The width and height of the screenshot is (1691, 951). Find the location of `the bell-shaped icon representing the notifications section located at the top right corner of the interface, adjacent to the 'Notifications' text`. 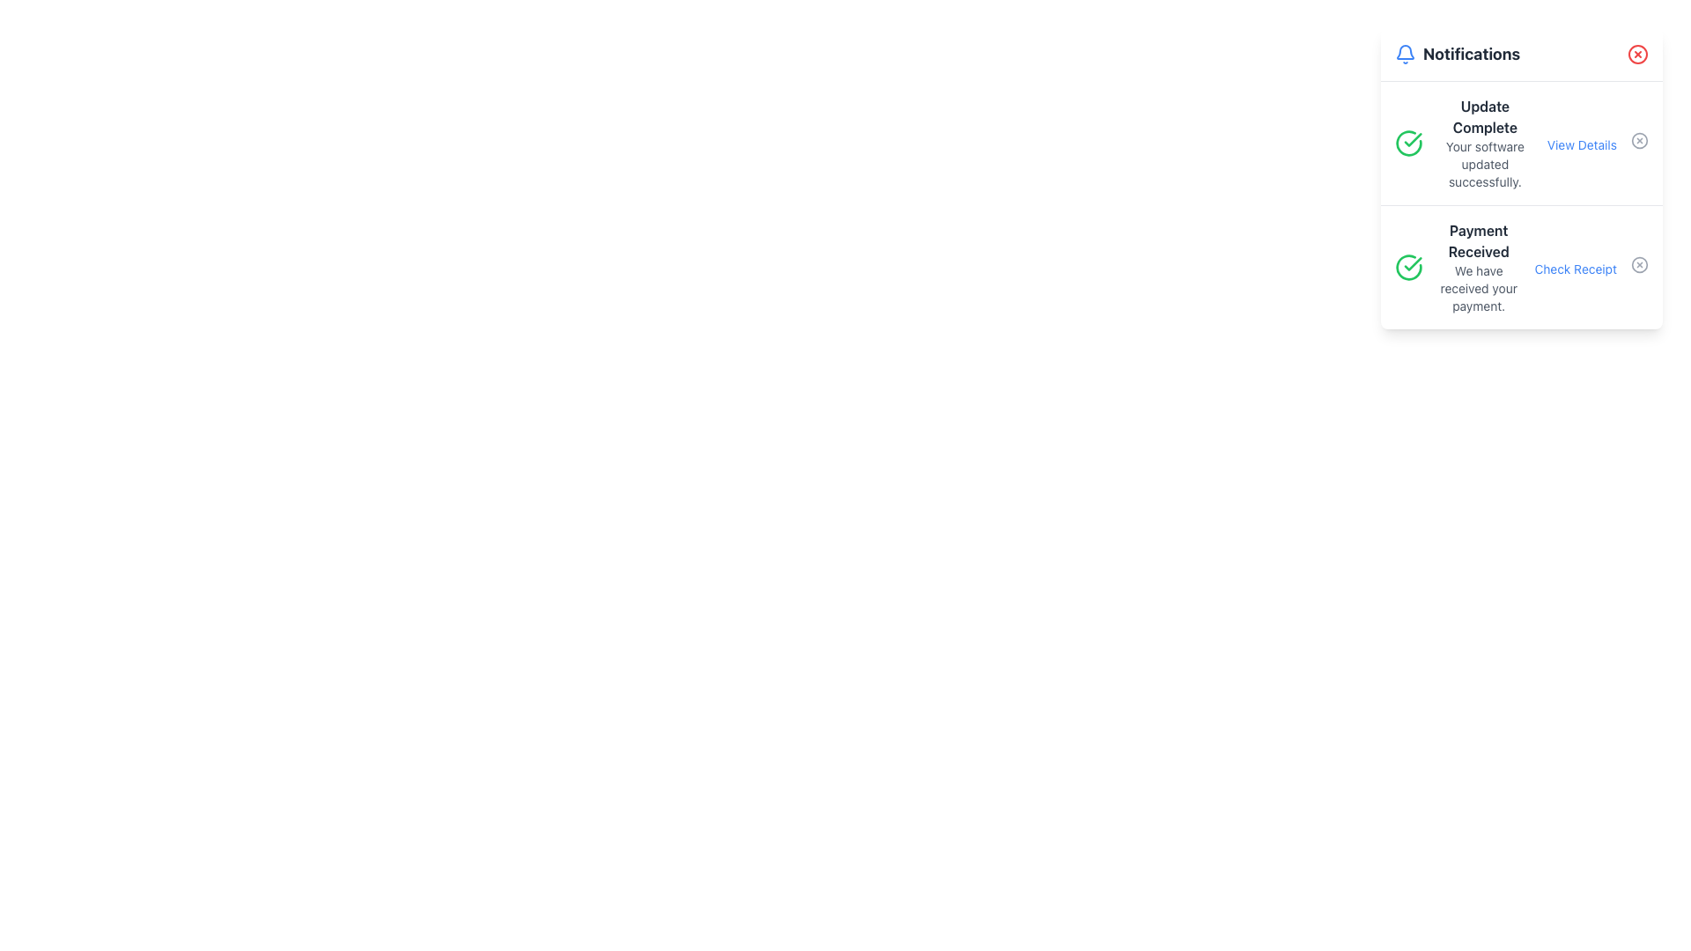

the bell-shaped icon representing the notifications section located at the top right corner of the interface, adjacent to the 'Notifications' text is located at coordinates (1405, 53).